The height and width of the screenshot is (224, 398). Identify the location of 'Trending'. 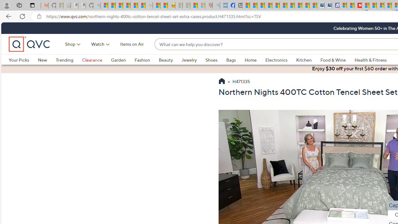
(69, 60).